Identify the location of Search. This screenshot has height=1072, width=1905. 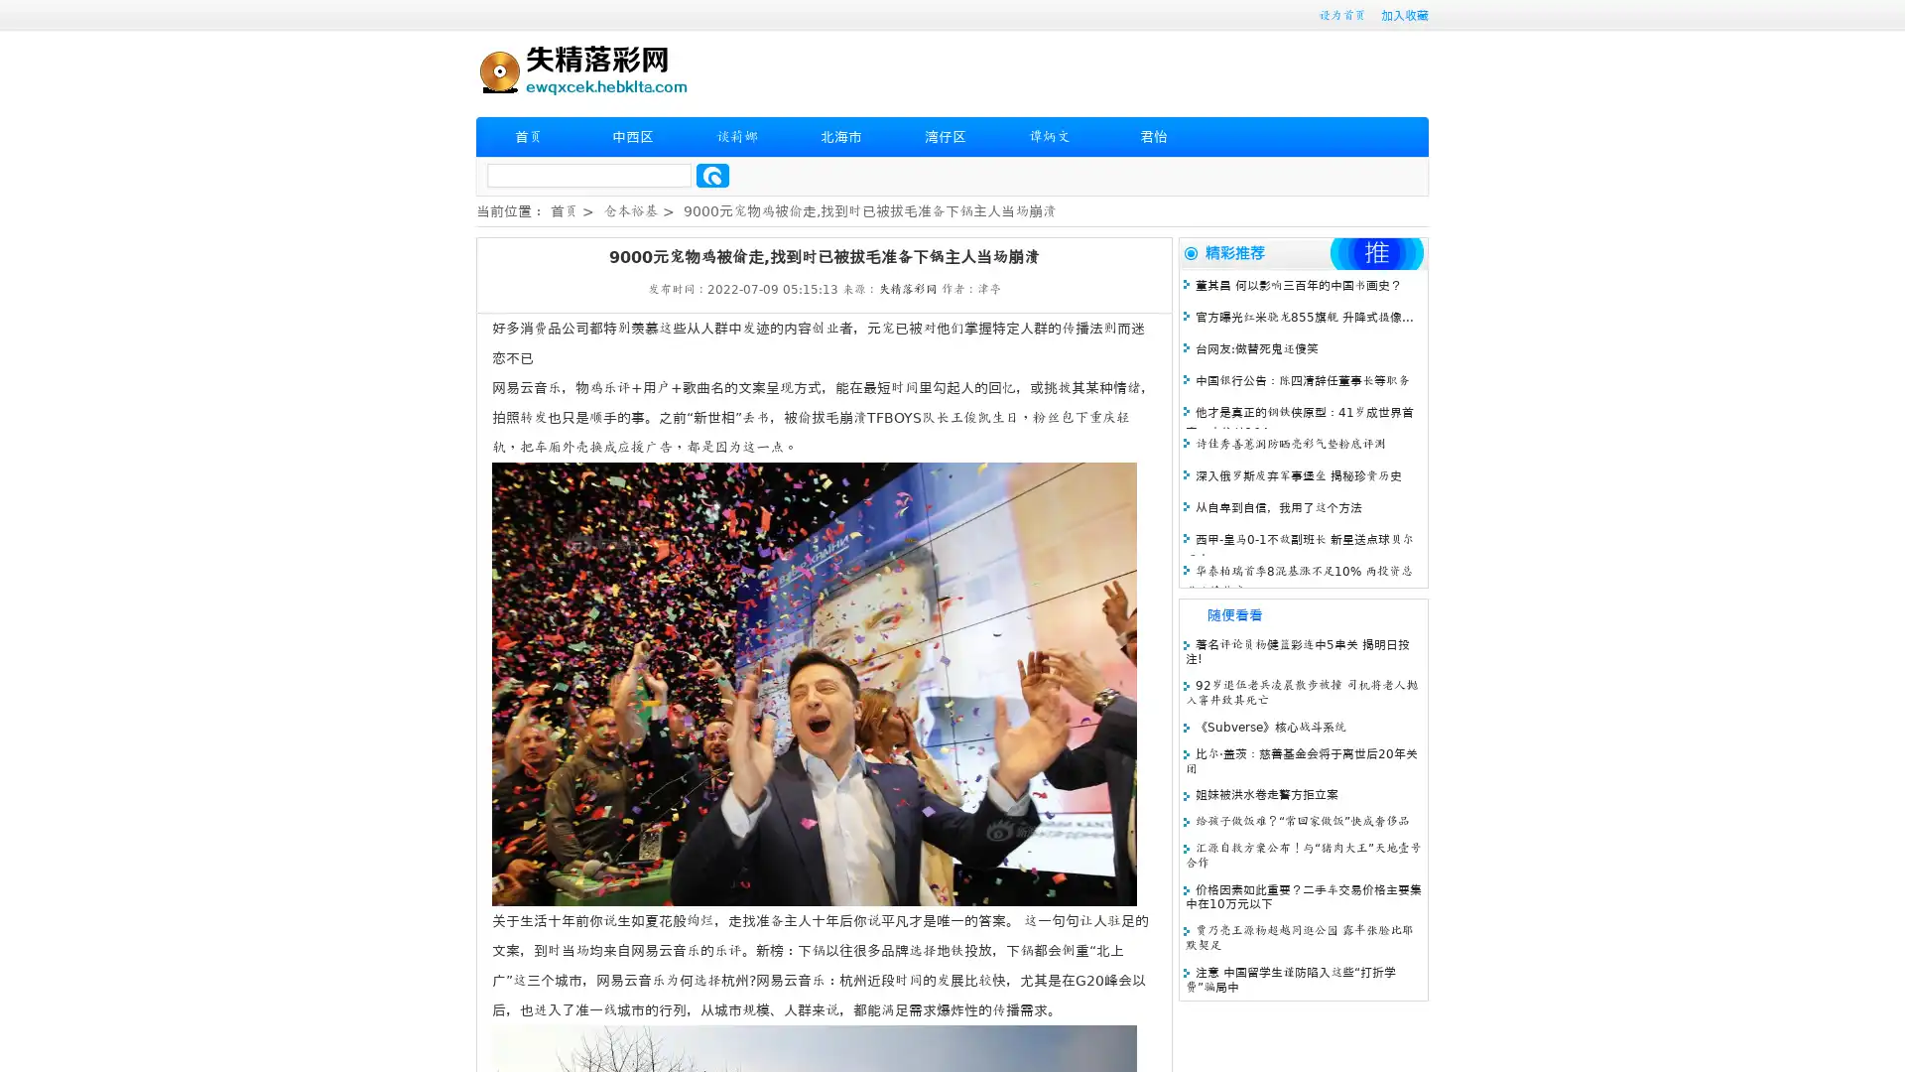
(712, 175).